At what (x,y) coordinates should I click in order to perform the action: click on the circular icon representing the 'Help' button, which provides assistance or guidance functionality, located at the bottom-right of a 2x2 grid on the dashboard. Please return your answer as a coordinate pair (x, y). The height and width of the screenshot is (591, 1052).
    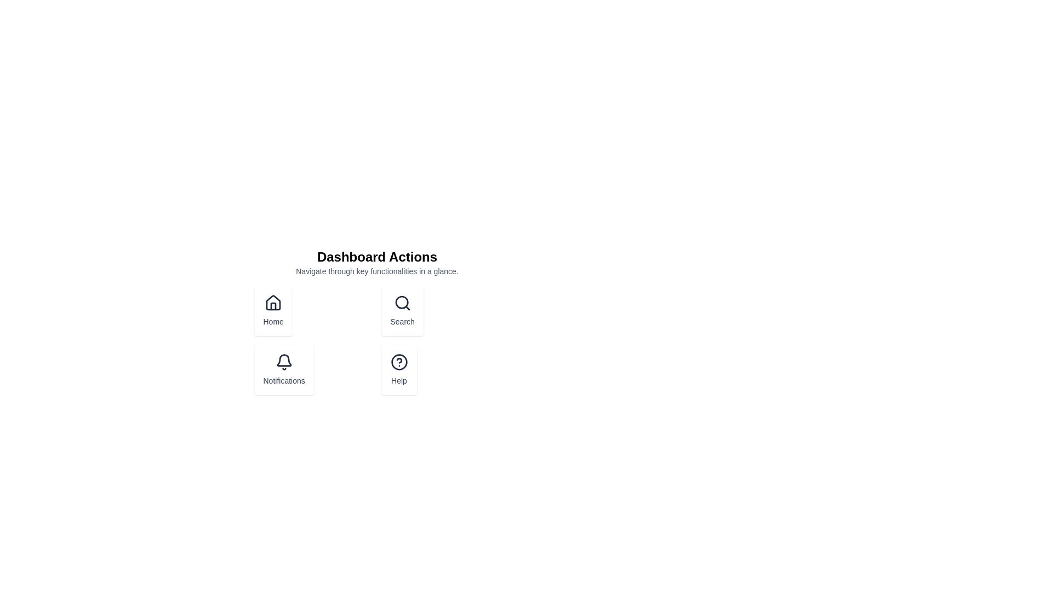
    Looking at the image, I should click on (398, 362).